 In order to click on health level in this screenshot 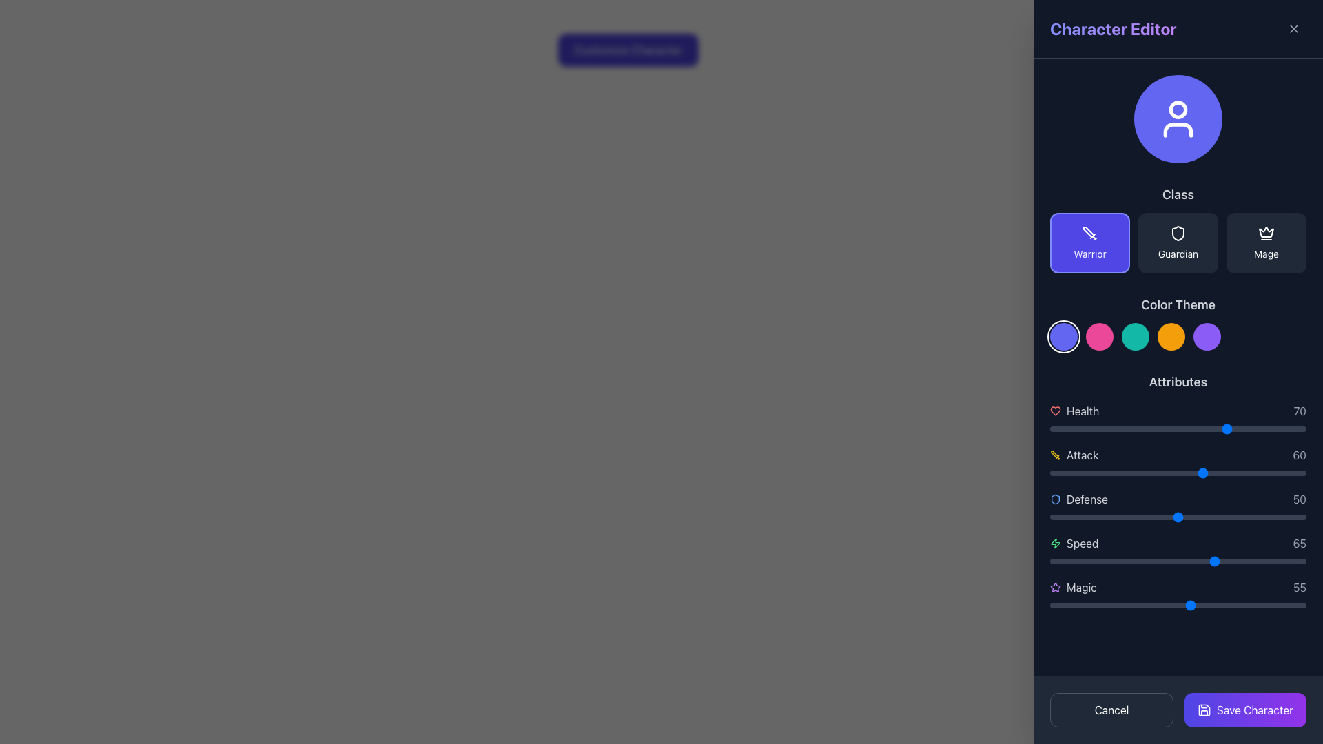, I will do `click(1077, 428)`.